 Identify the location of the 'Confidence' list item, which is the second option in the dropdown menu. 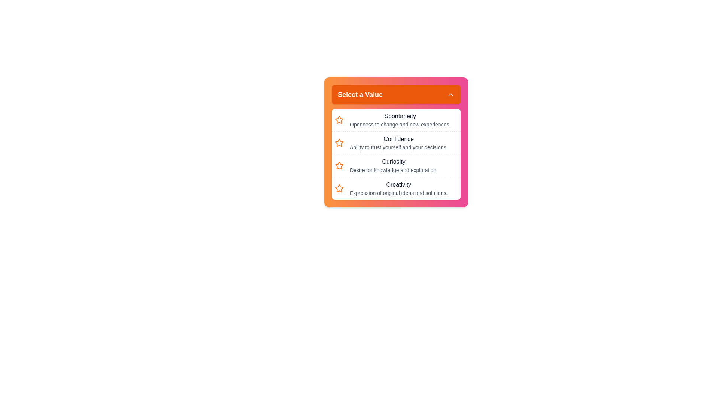
(395, 143).